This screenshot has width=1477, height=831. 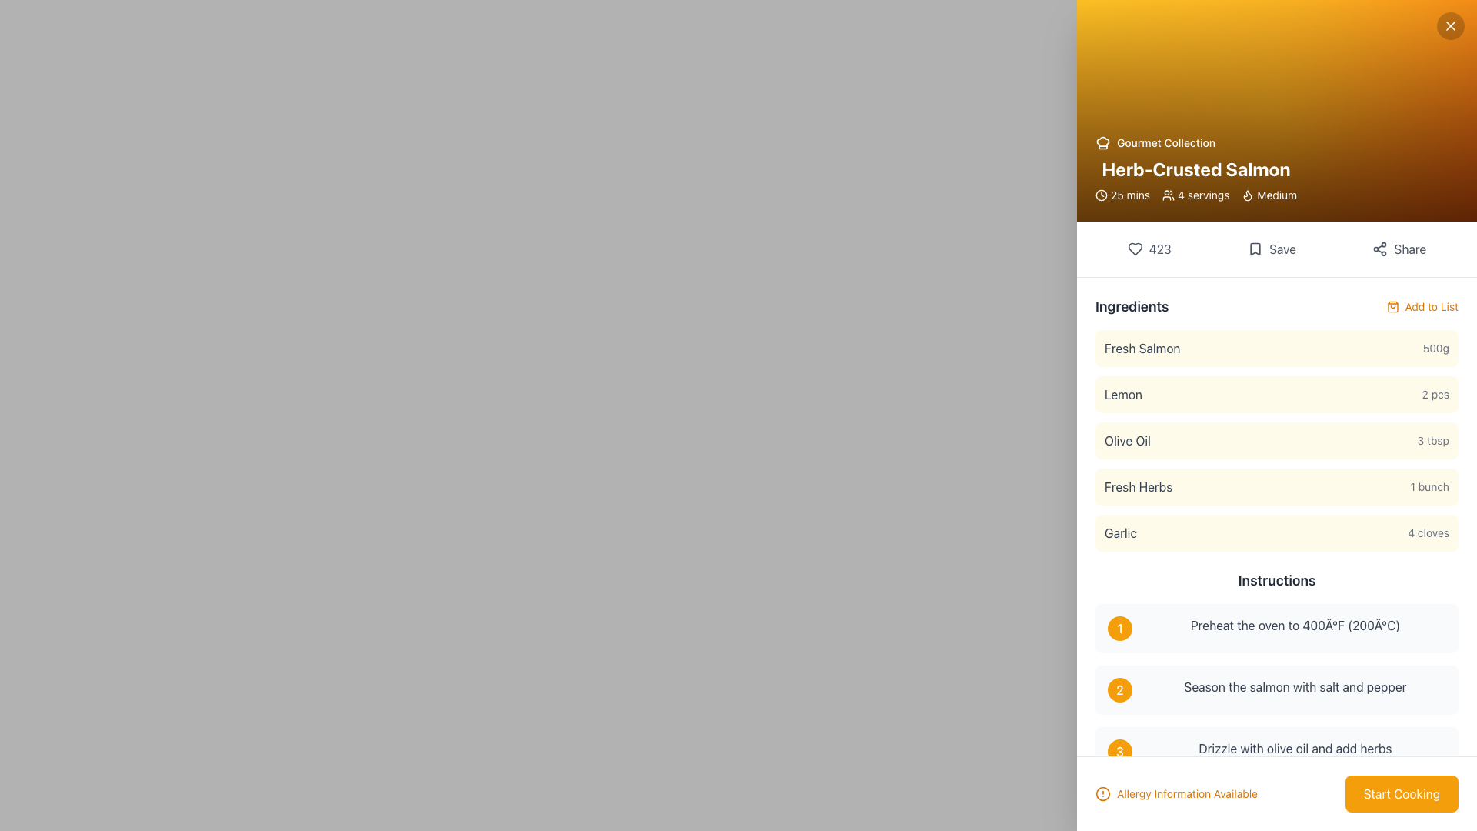 What do you see at coordinates (1432, 441) in the screenshot?
I see `information displayed in the small gray text label '3 tbsp' located to the right of 'Olive Oil' in the Ingredients section` at bounding box center [1432, 441].